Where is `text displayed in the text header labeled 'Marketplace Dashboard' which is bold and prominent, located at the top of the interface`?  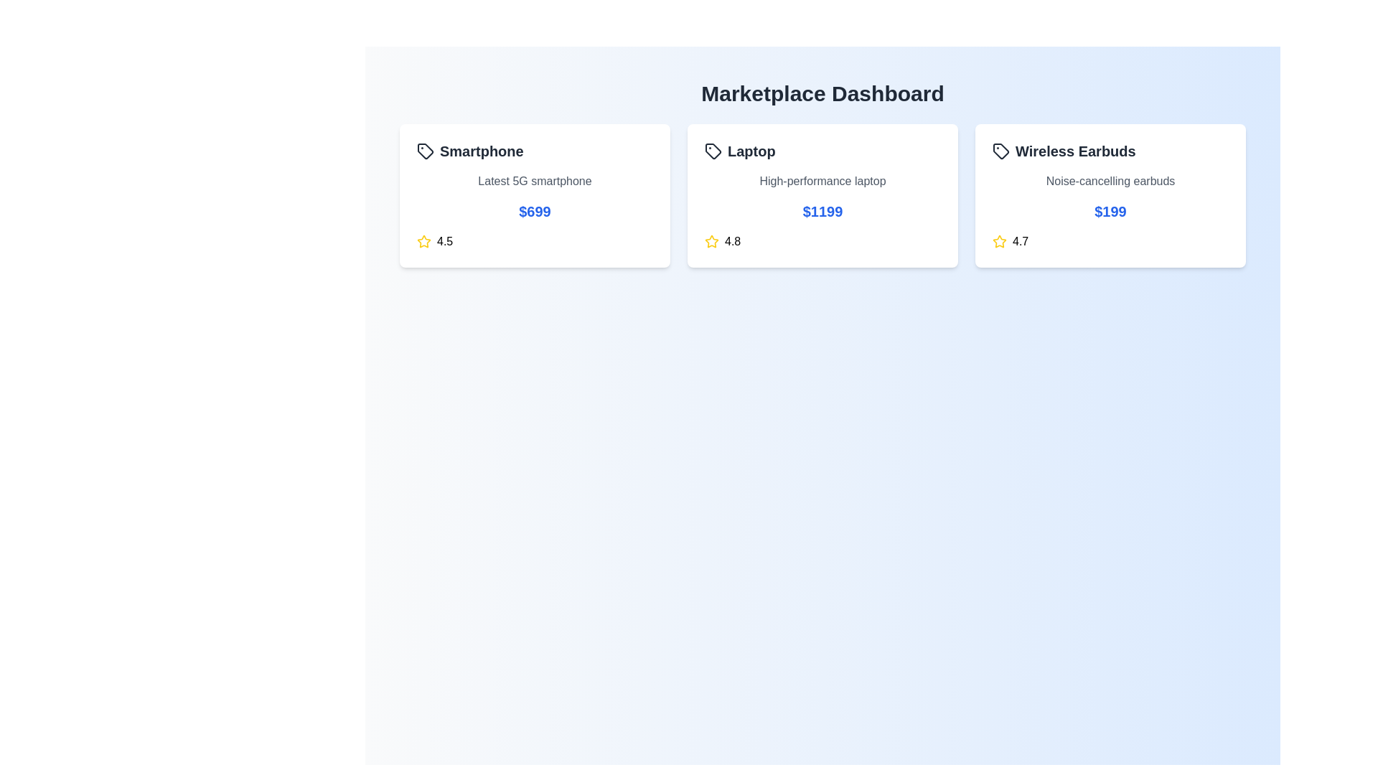 text displayed in the text header labeled 'Marketplace Dashboard' which is bold and prominent, located at the top of the interface is located at coordinates (822, 94).